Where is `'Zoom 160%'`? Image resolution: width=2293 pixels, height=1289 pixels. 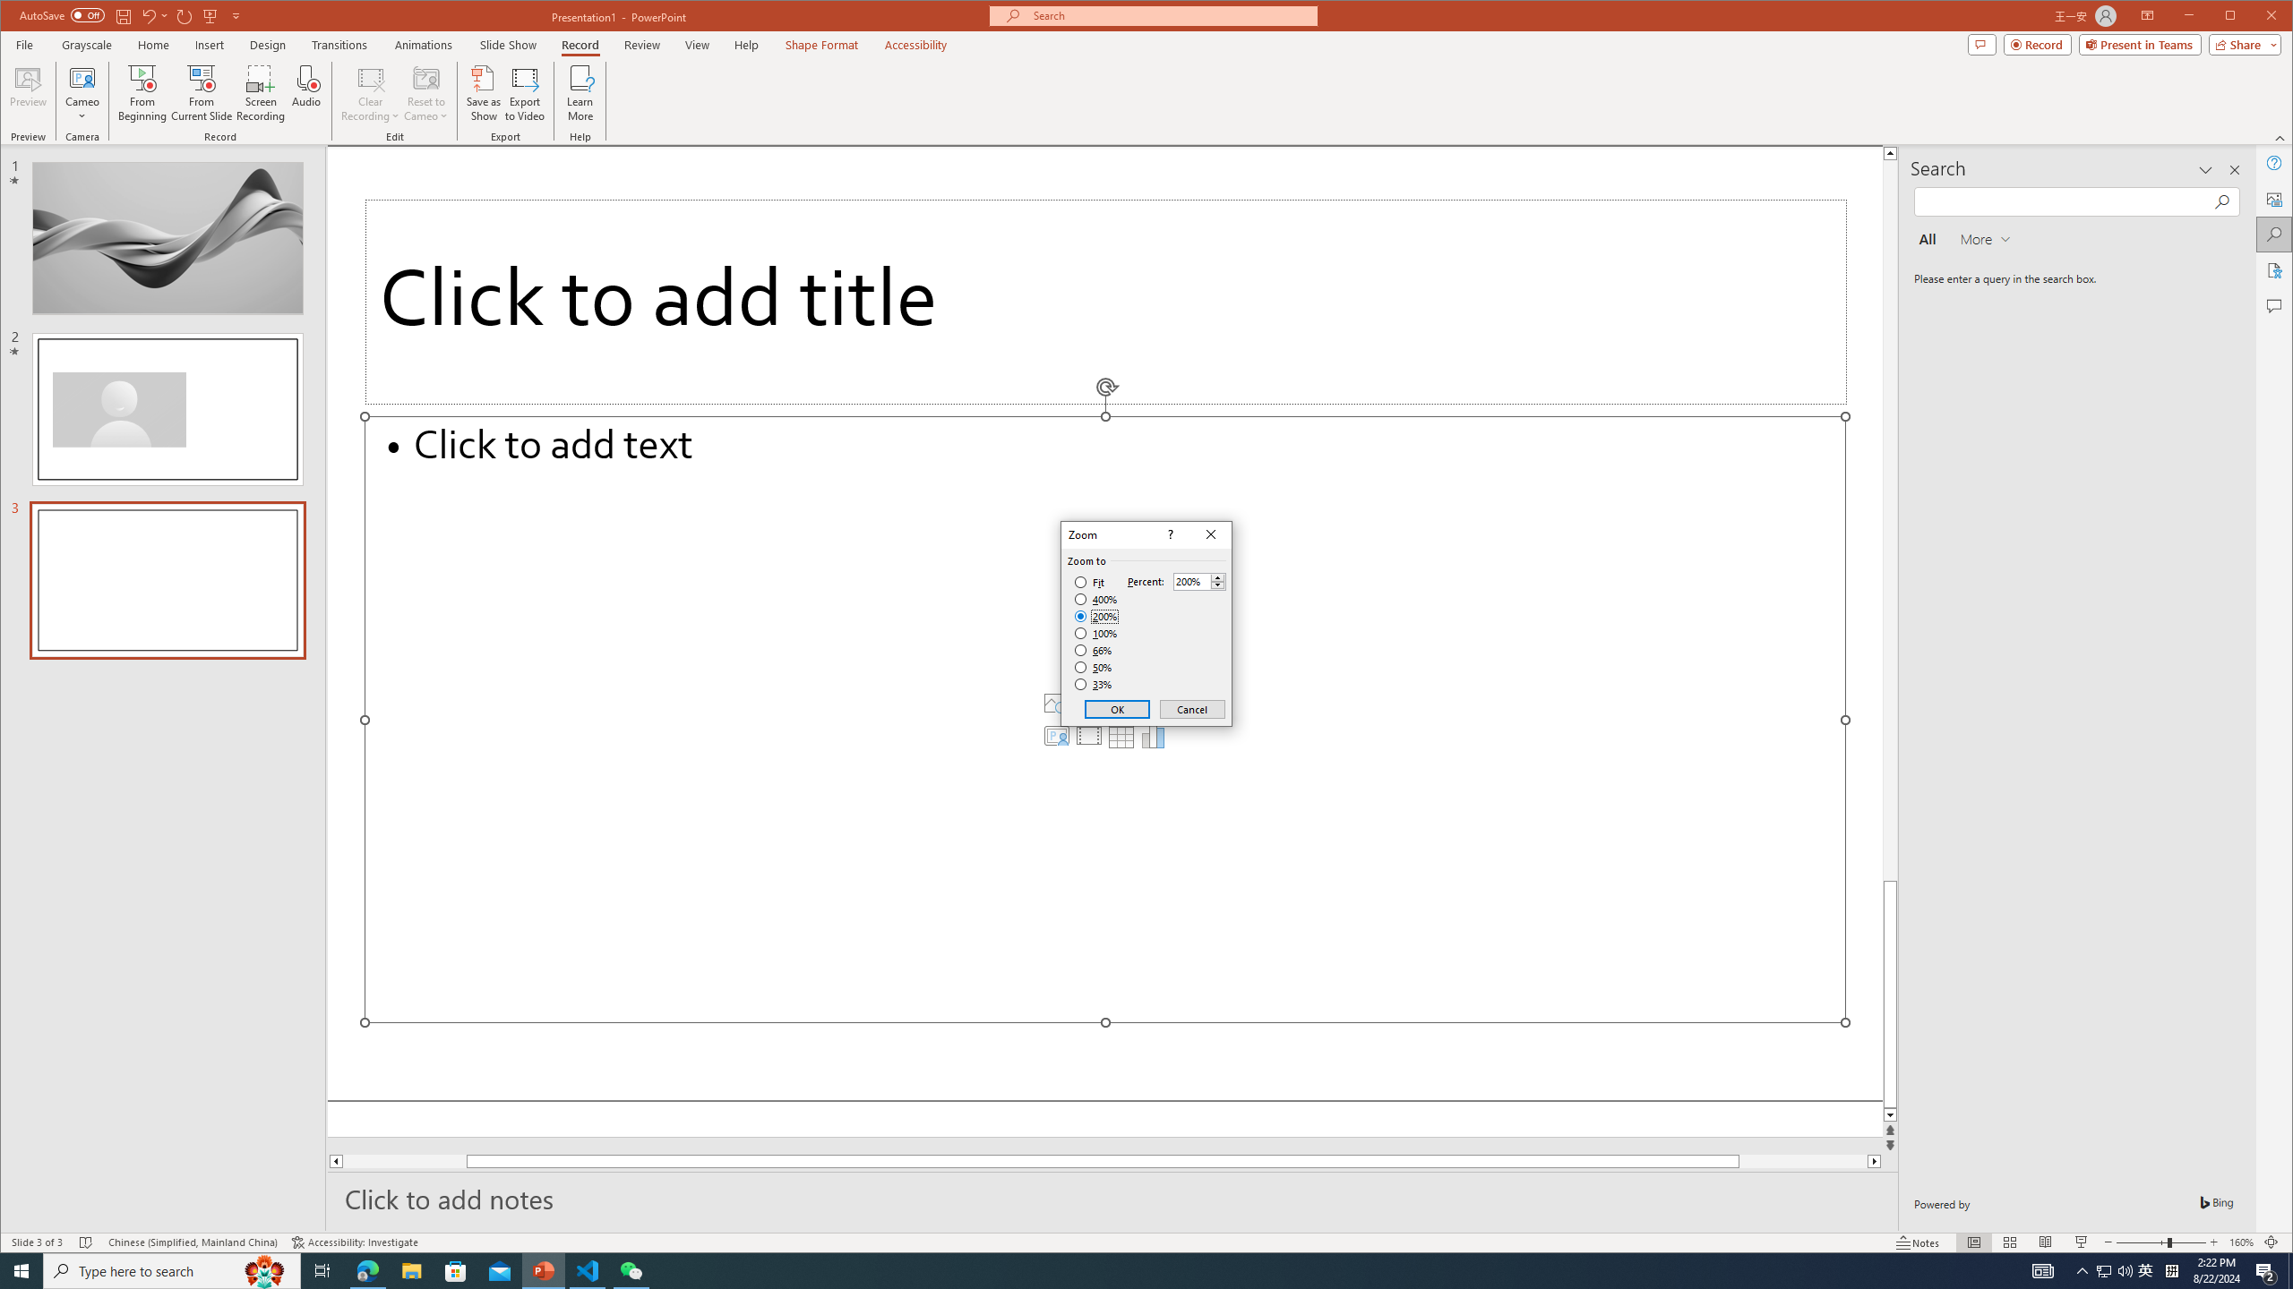
'Zoom 160%' is located at coordinates (2241, 1242).